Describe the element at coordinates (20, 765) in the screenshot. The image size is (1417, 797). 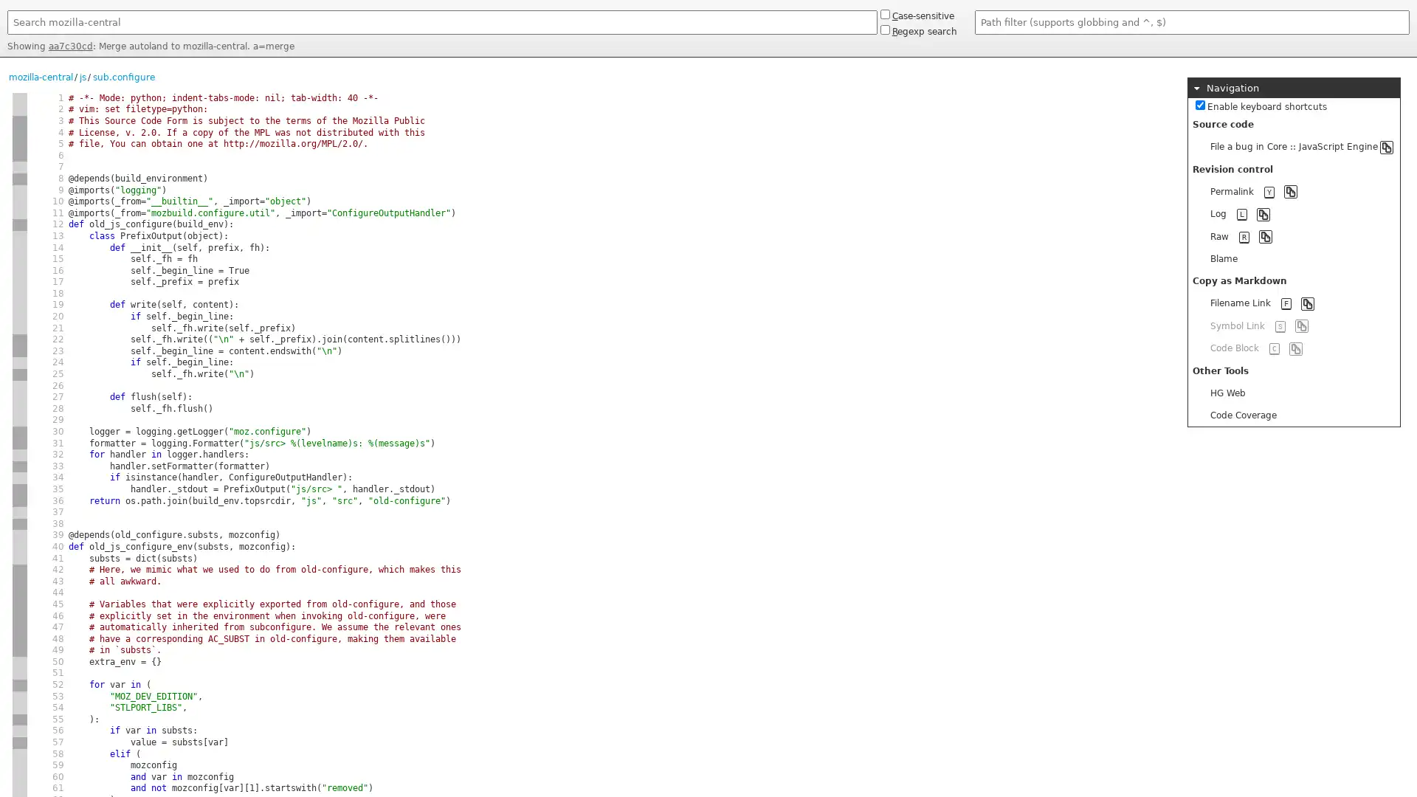
I see `same hash 3` at that location.